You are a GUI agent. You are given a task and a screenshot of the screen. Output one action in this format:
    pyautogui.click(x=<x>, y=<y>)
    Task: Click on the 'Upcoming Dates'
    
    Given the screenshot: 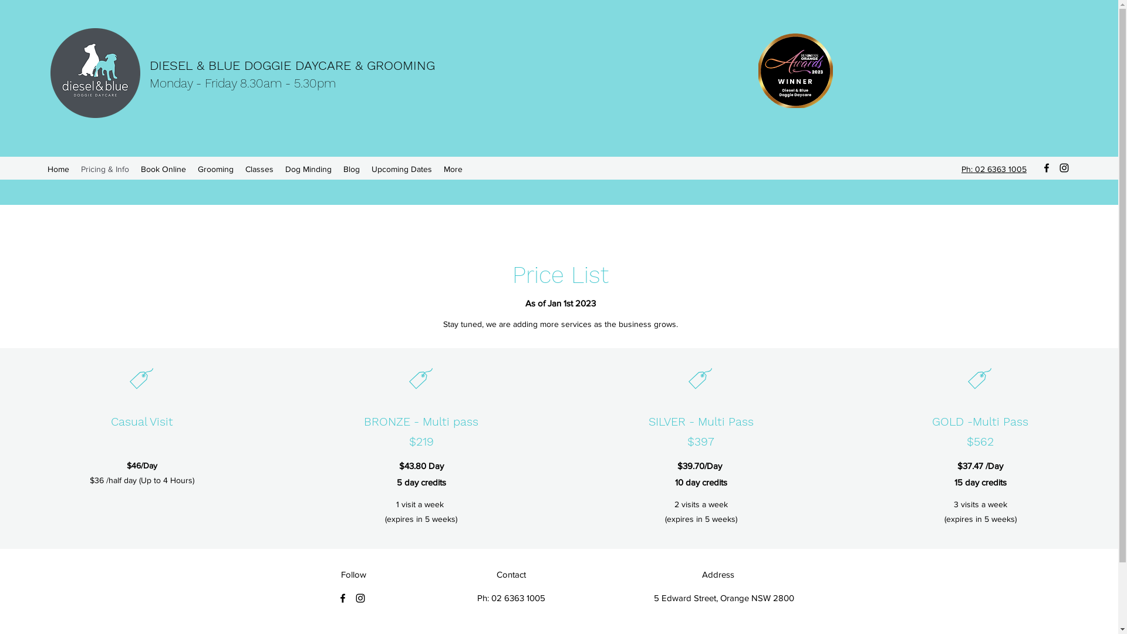 What is the action you would take?
    pyautogui.click(x=401, y=169)
    